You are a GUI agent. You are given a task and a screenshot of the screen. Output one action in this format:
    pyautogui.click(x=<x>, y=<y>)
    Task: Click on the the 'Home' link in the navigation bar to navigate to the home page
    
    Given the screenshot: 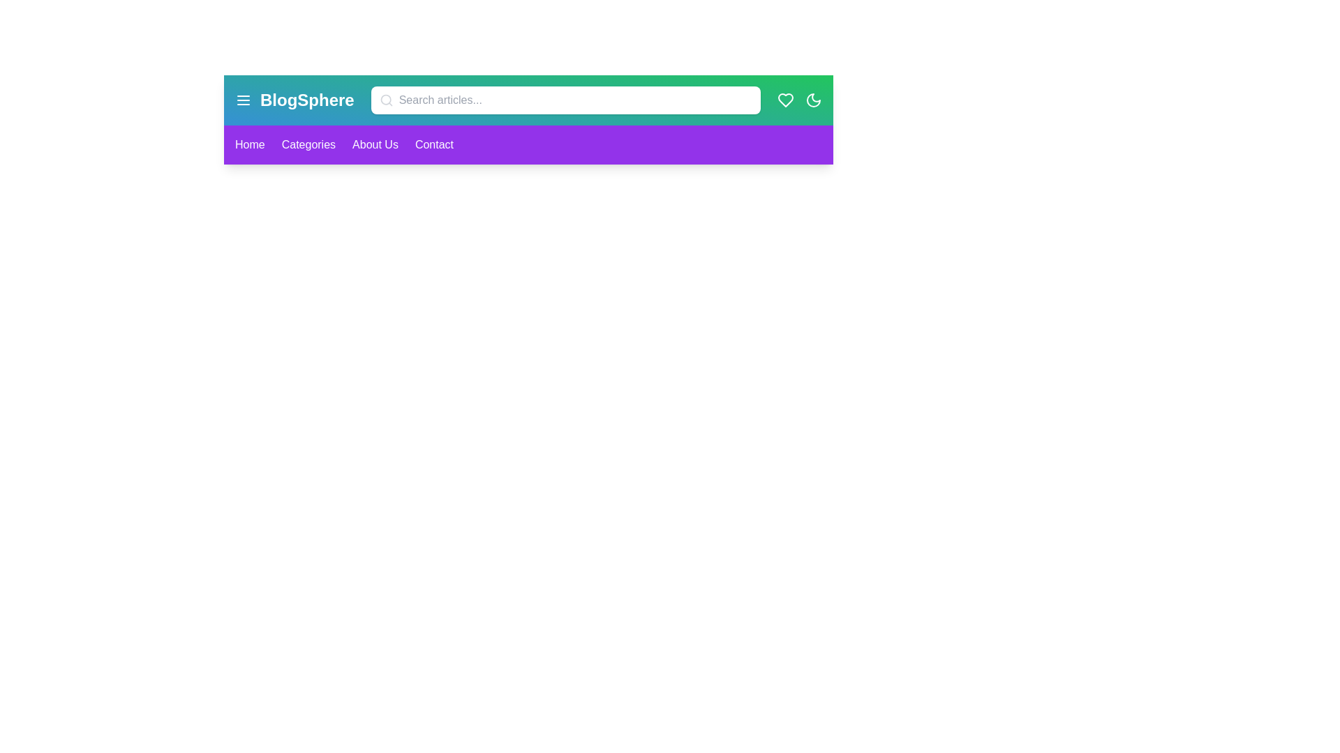 What is the action you would take?
    pyautogui.click(x=250, y=145)
    